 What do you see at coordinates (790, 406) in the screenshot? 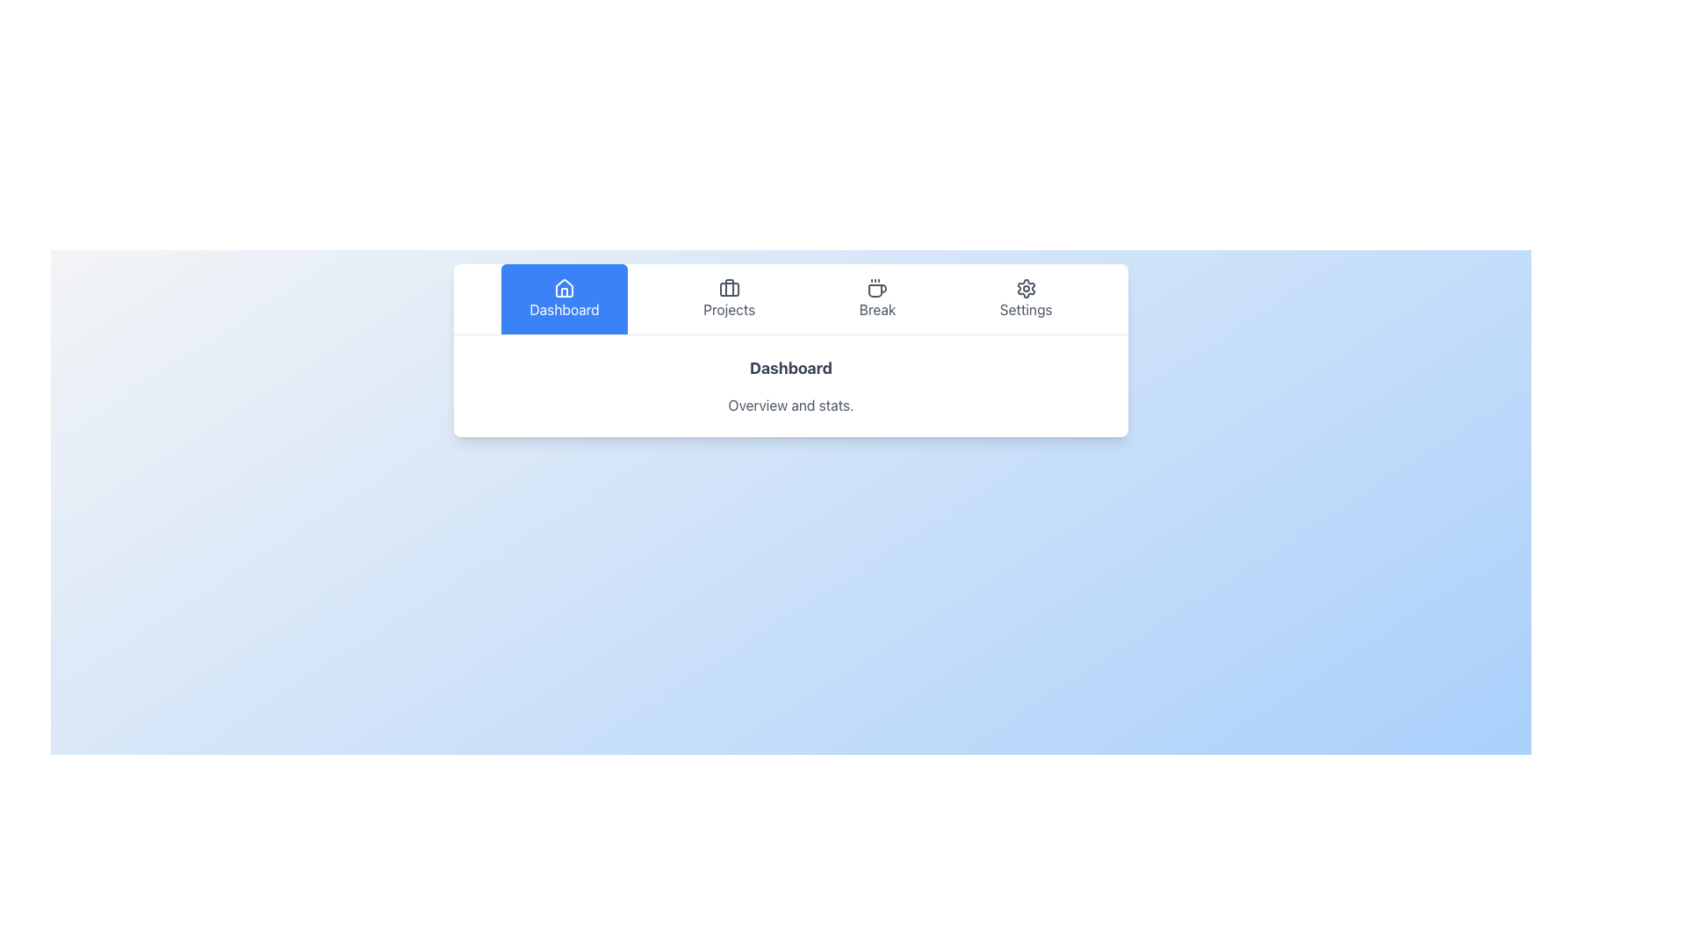
I see `the Text Label displaying 'Overview and stats.' located beneath the 'Dashboard' heading` at bounding box center [790, 406].